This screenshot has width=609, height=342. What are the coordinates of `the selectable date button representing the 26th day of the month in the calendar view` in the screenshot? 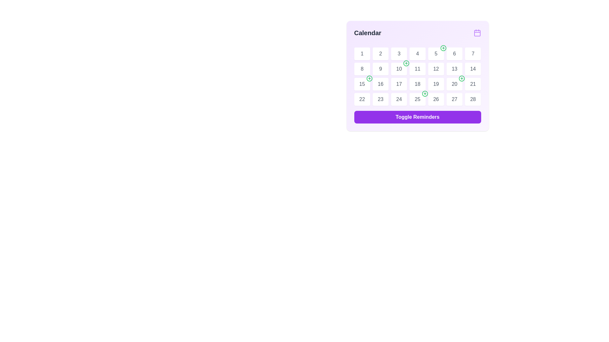 It's located at (435, 99).